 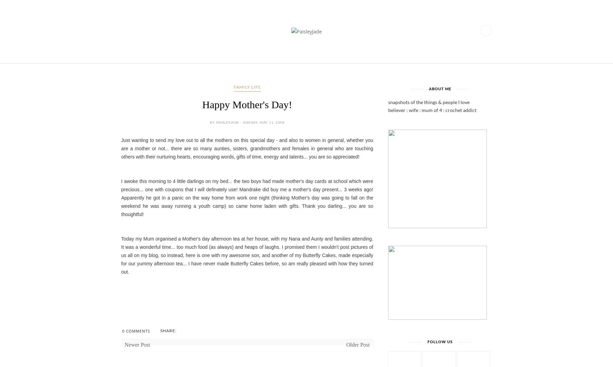 I want to click on 'snapshots of the things & people I love', so click(x=387, y=102).